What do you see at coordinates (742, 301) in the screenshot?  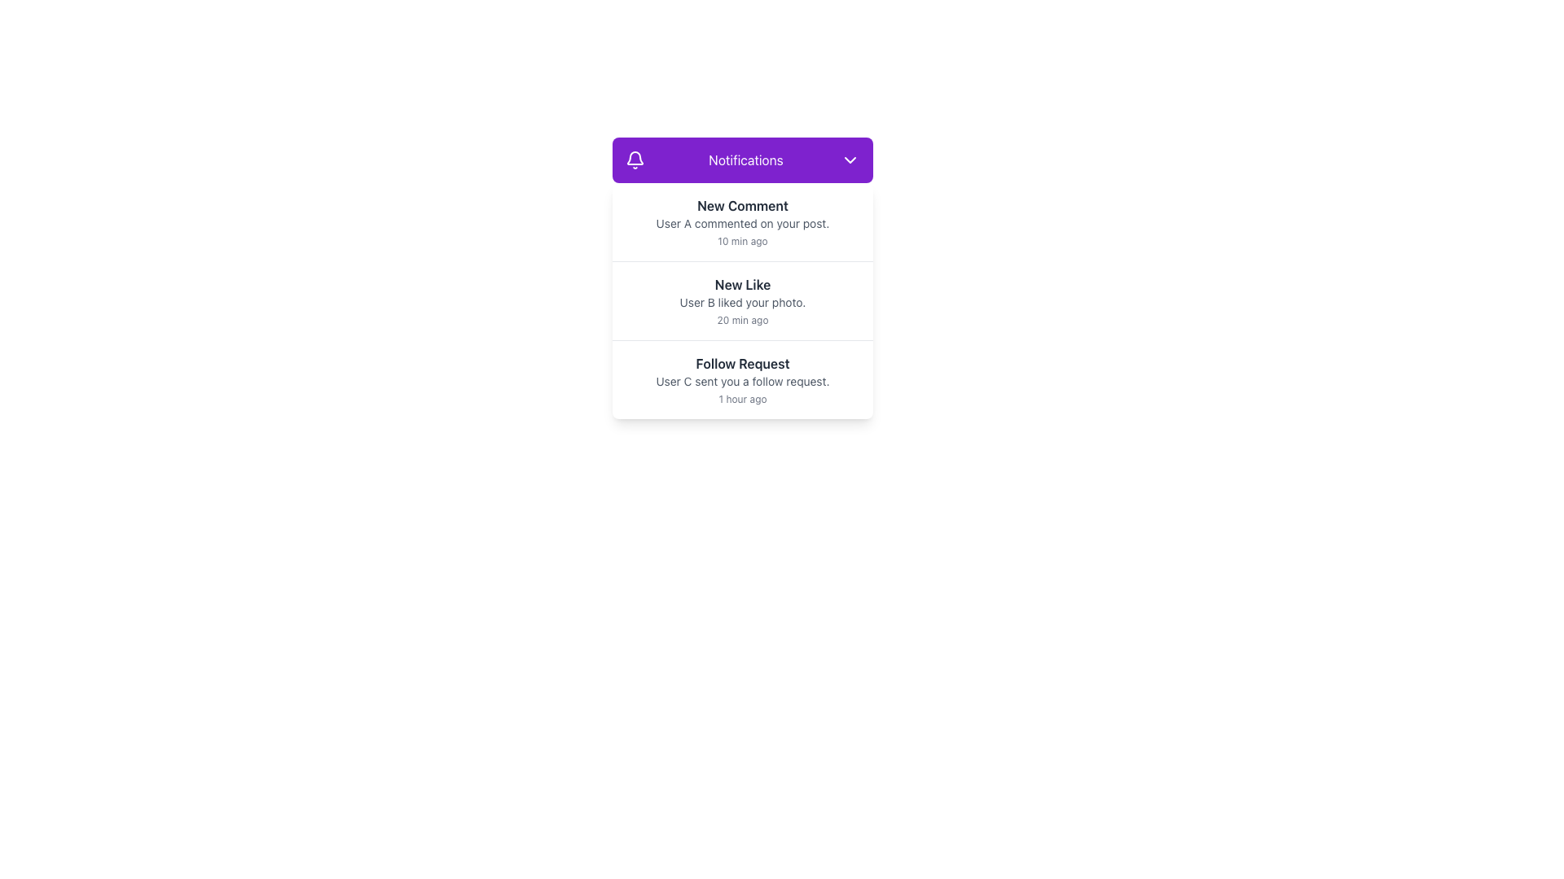 I see `the second notification entry in the card interface which displays 'New Like' with the description 'User B liked your photo.' and timestamp '20 min ago'` at bounding box center [742, 301].